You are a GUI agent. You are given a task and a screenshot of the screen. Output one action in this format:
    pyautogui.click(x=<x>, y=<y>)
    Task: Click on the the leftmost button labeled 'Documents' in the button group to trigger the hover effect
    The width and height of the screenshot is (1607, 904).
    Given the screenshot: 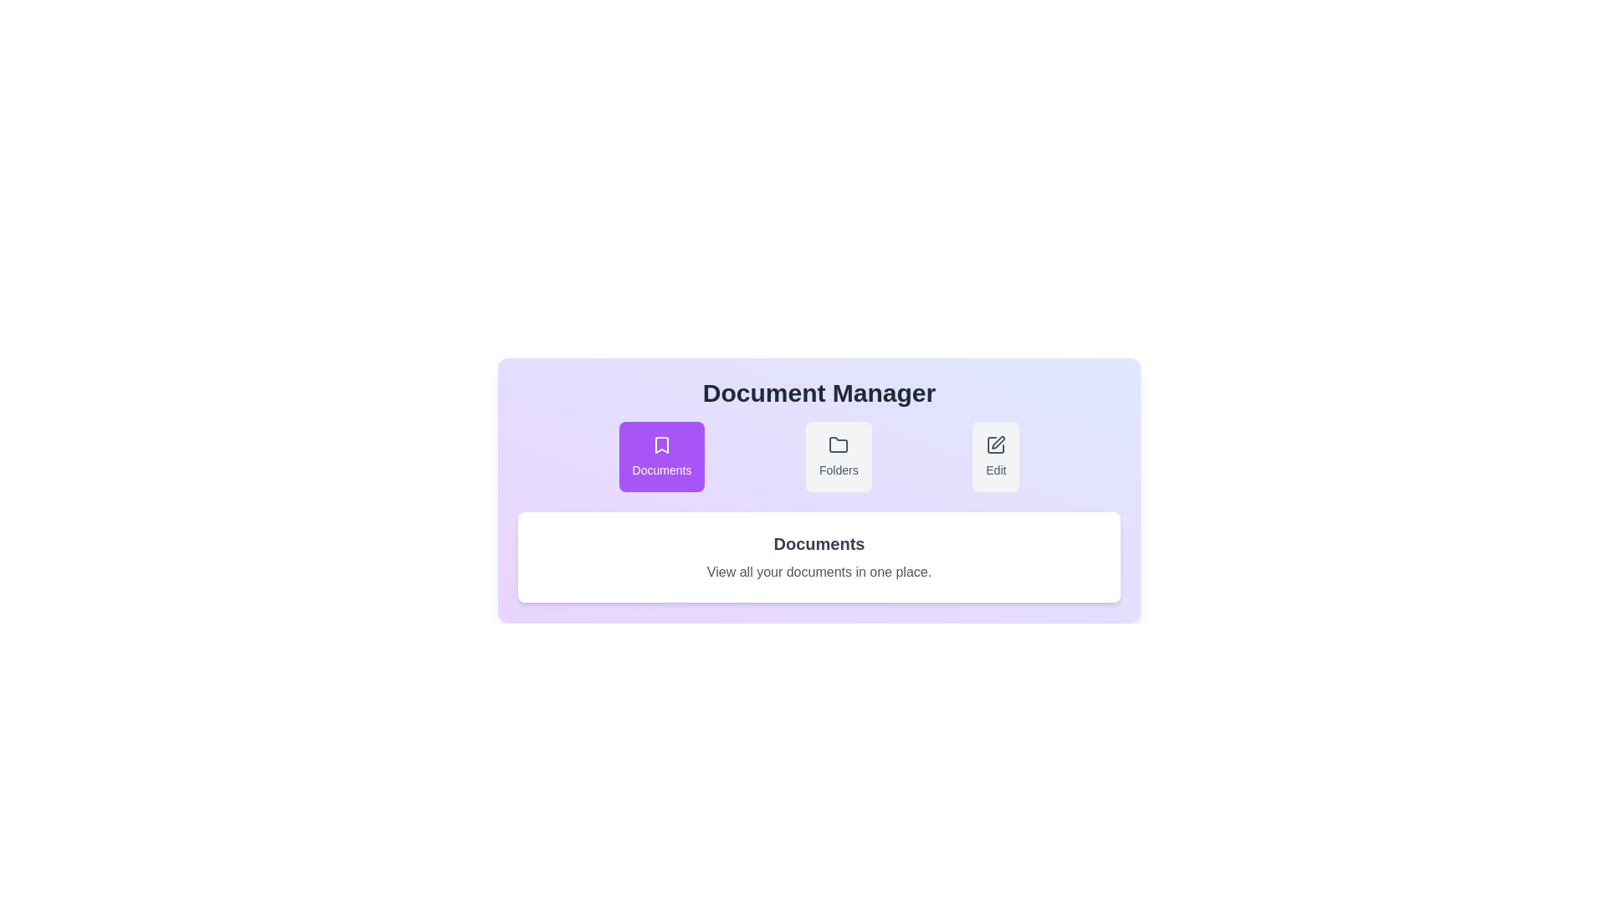 What is the action you would take?
    pyautogui.click(x=661, y=457)
    